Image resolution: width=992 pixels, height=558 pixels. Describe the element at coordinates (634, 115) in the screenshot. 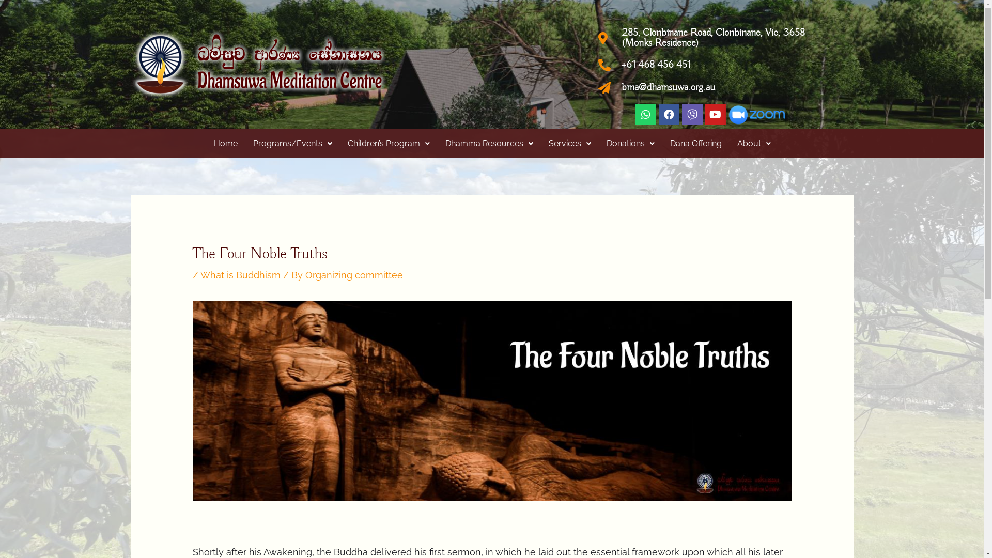

I see `'Whatsapp'` at that location.